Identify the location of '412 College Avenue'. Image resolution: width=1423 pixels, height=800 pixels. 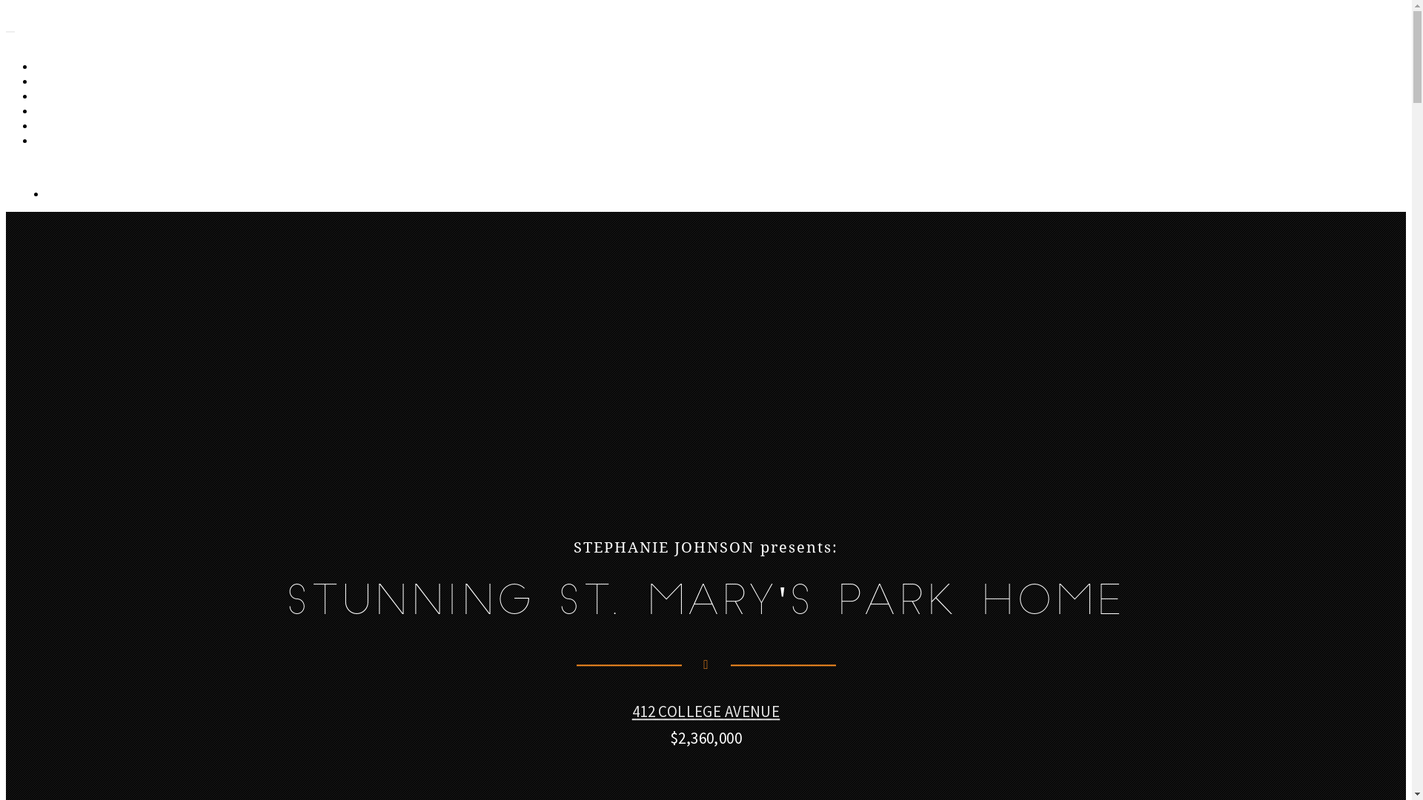
(116, 28).